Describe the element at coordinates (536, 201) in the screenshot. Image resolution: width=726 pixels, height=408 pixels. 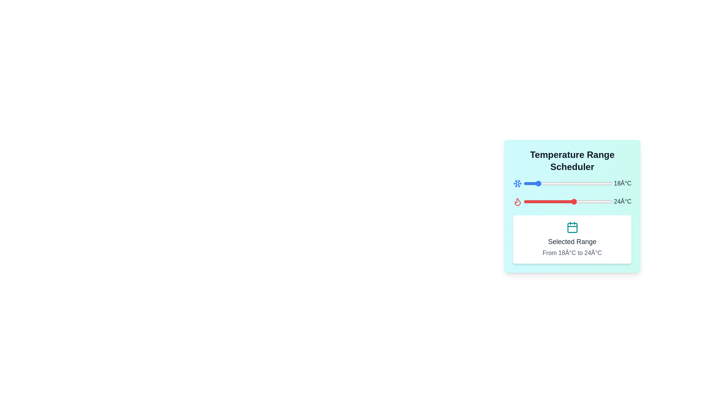
I see `the temperature` at that location.